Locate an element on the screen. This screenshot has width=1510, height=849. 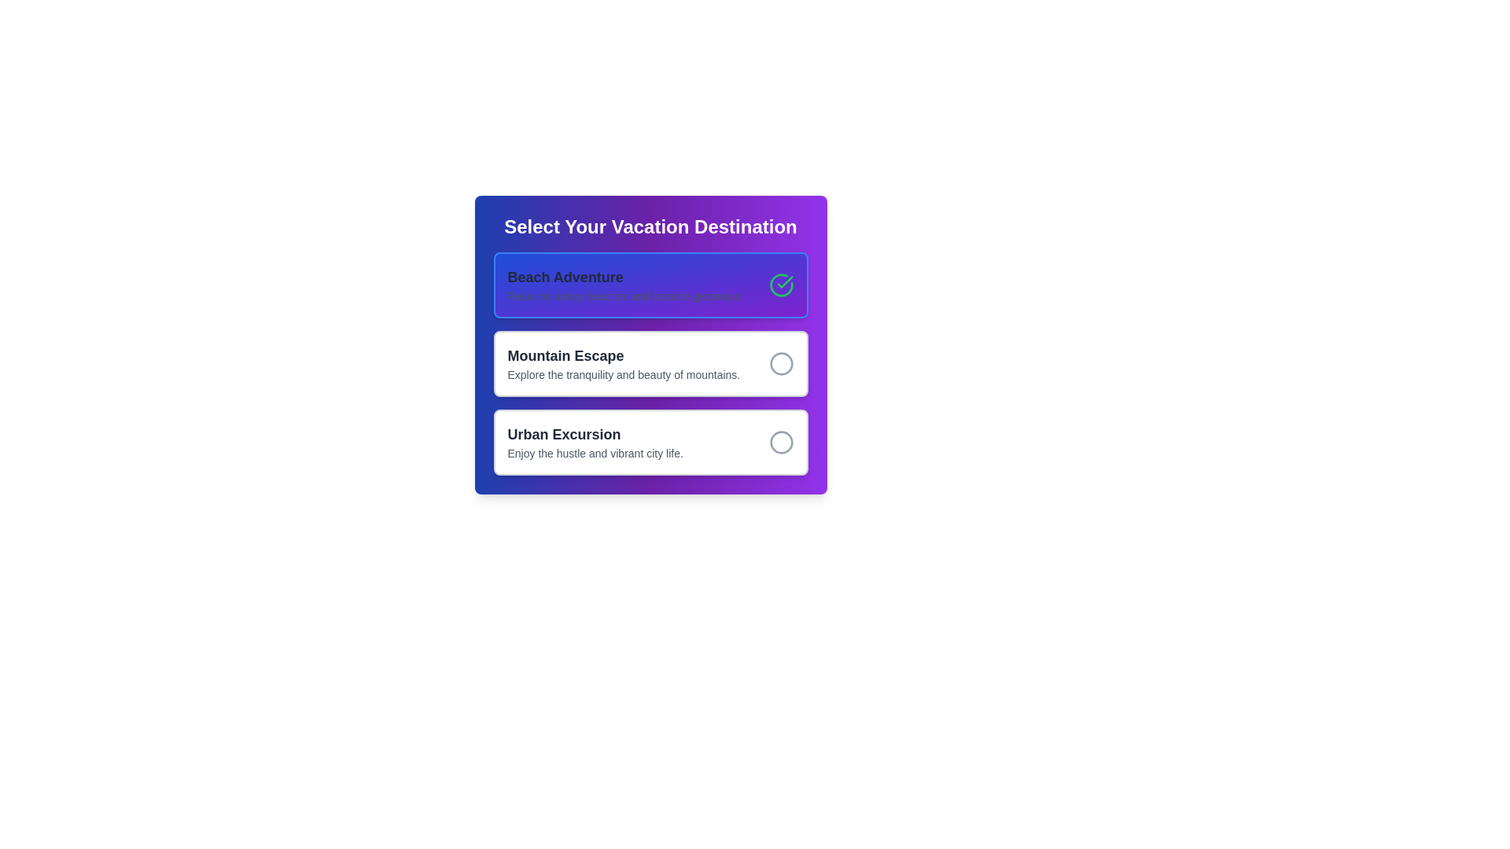
information displayed in the text block that includes 'Urban Excursion' and 'Enjoy the hustle and vibrant city life.' is located at coordinates (595, 443).